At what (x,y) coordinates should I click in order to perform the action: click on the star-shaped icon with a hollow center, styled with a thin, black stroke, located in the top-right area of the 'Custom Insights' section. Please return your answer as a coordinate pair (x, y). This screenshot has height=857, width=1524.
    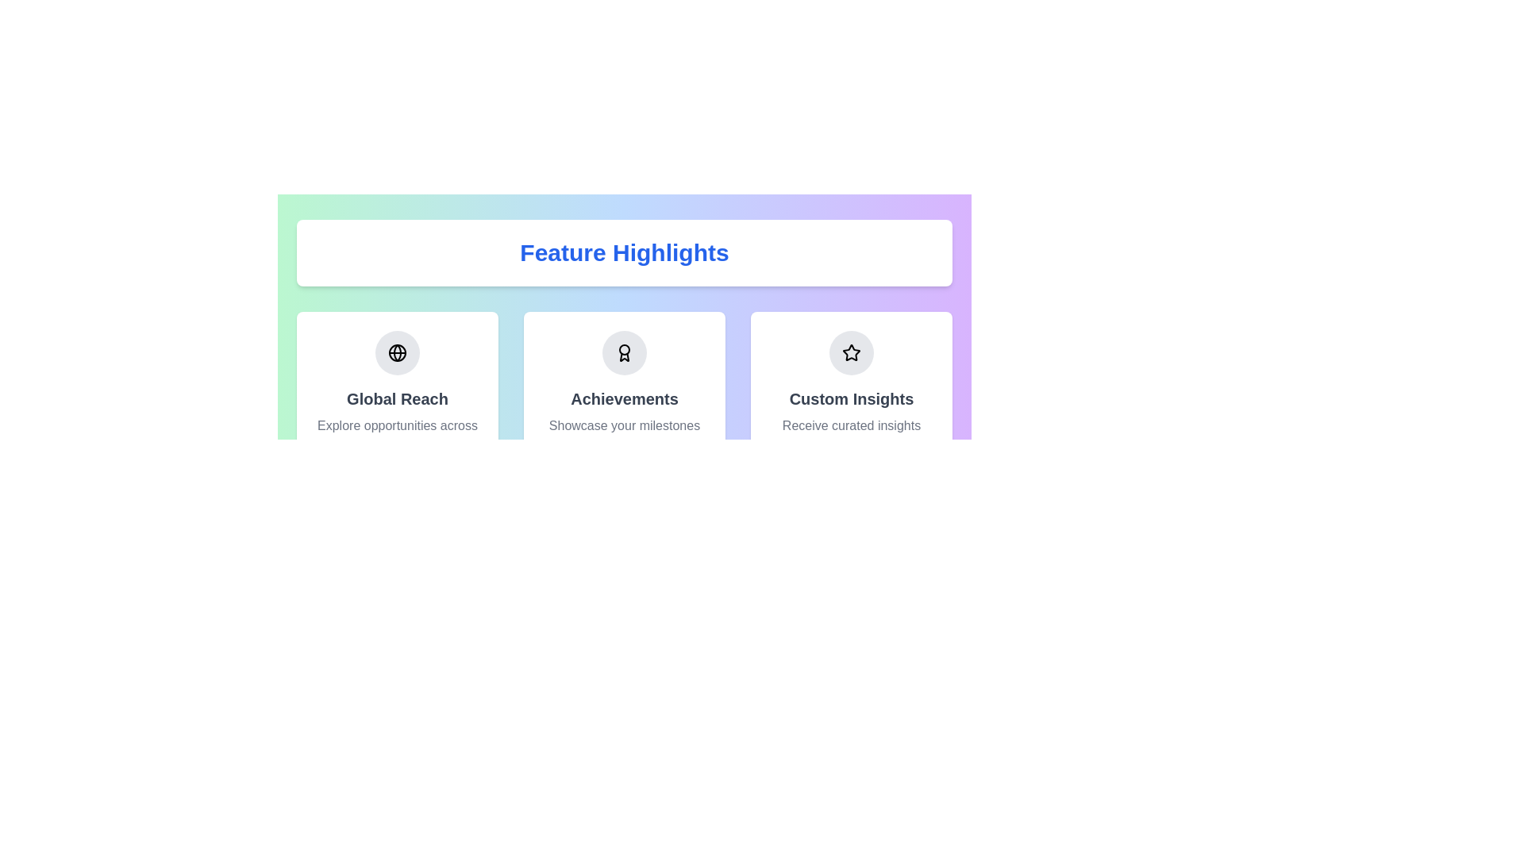
    Looking at the image, I should click on (851, 352).